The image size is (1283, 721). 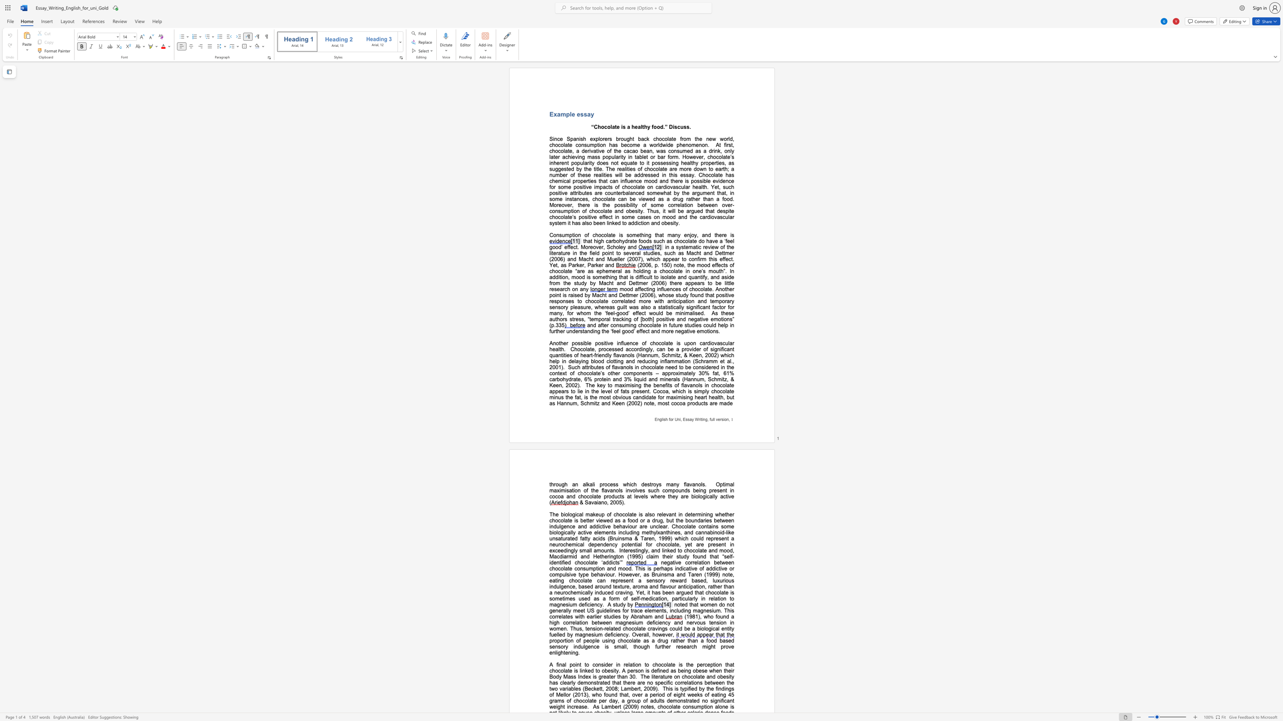 I want to click on the subset text "was also a statistically significant factor for many, f" within the text "guilt was also a statistically significant factor for many, for whom the ‘feel-good’ effect would be minimalised", so click(x=629, y=307).